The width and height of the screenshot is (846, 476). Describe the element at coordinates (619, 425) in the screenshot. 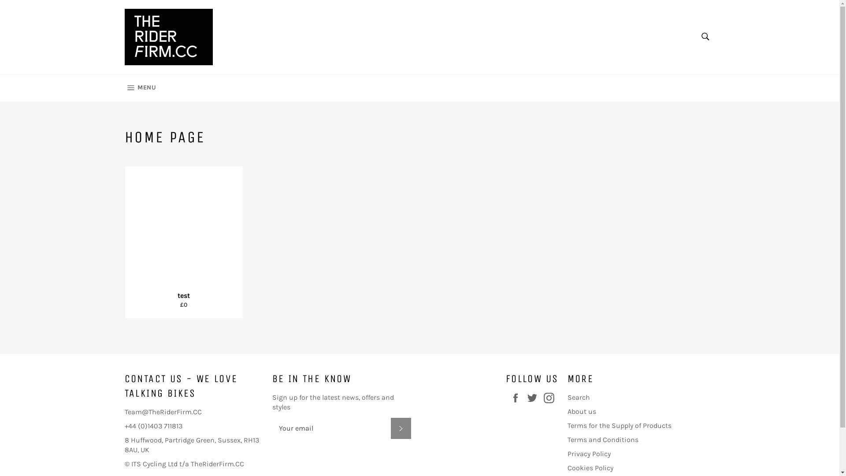

I see `'Terms for the Supply of Products'` at that location.